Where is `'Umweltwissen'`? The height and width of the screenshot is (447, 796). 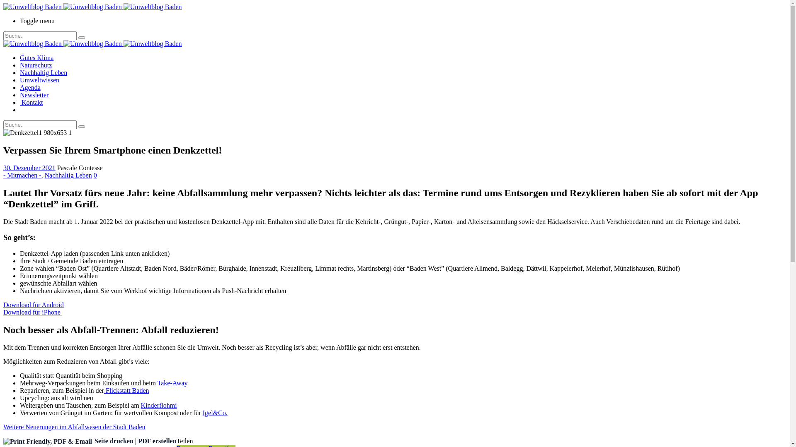 'Umweltwissen' is located at coordinates (39, 80).